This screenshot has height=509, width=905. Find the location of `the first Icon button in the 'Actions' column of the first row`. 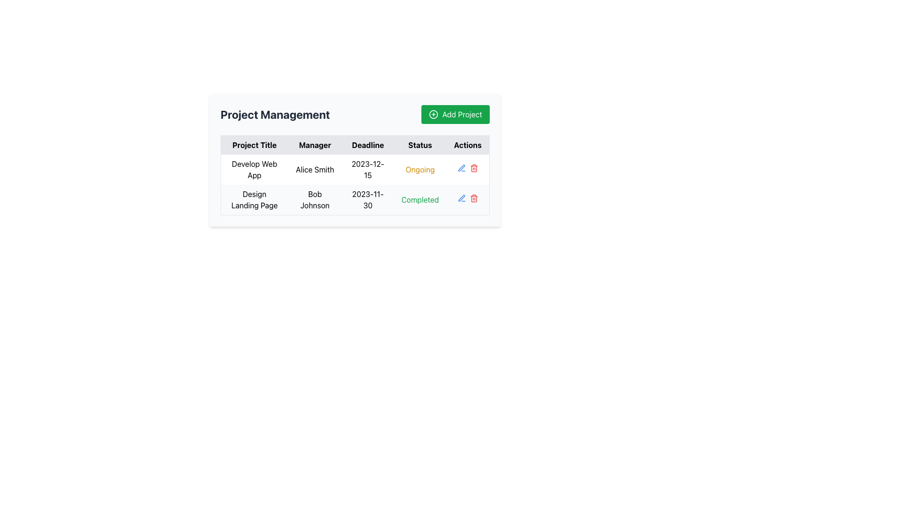

the first Icon button in the 'Actions' column of the first row is located at coordinates (461, 197).